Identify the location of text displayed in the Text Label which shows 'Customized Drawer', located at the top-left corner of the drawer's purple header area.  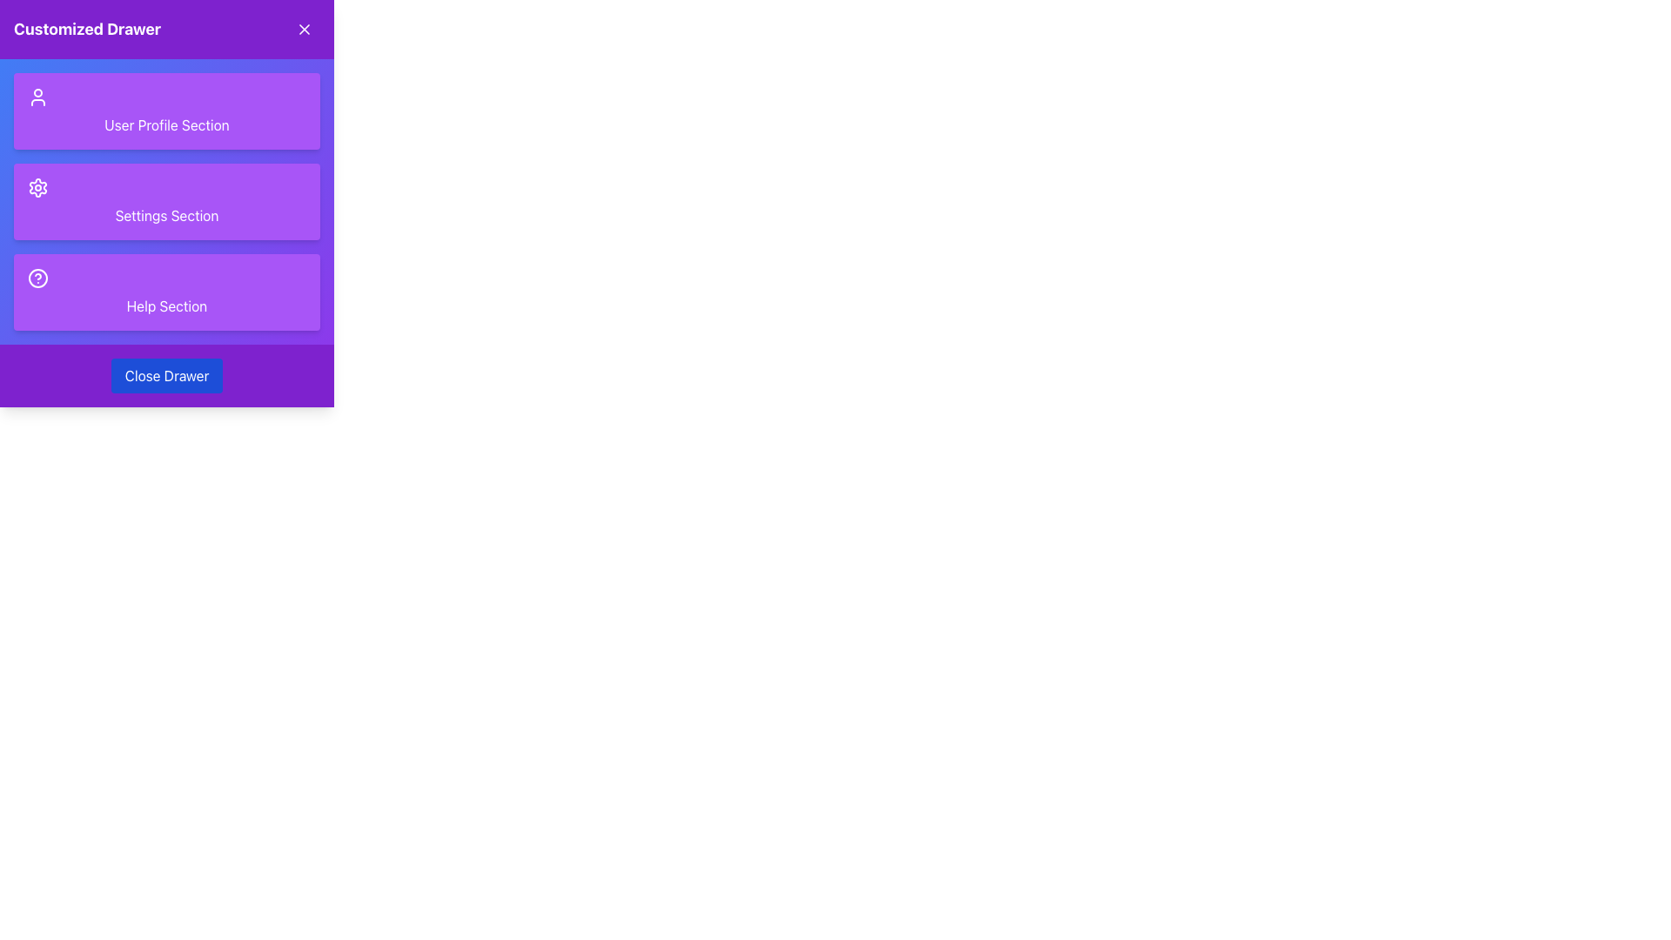
(86, 30).